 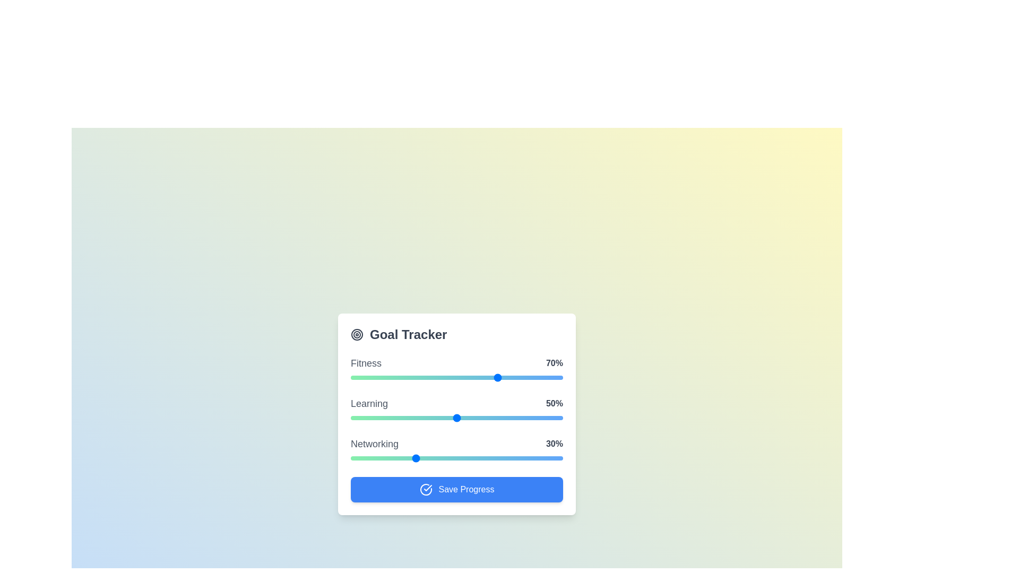 I want to click on the 'Save Progress' button to save the current goal status, so click(x=456, y=489).